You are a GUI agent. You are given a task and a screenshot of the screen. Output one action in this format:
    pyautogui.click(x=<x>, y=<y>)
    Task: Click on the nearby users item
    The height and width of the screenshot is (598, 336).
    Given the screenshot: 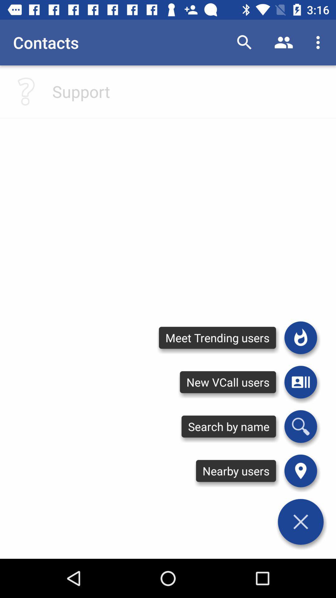 What is the action you would take?
    pyautogui.click(x=236, y=471)
    